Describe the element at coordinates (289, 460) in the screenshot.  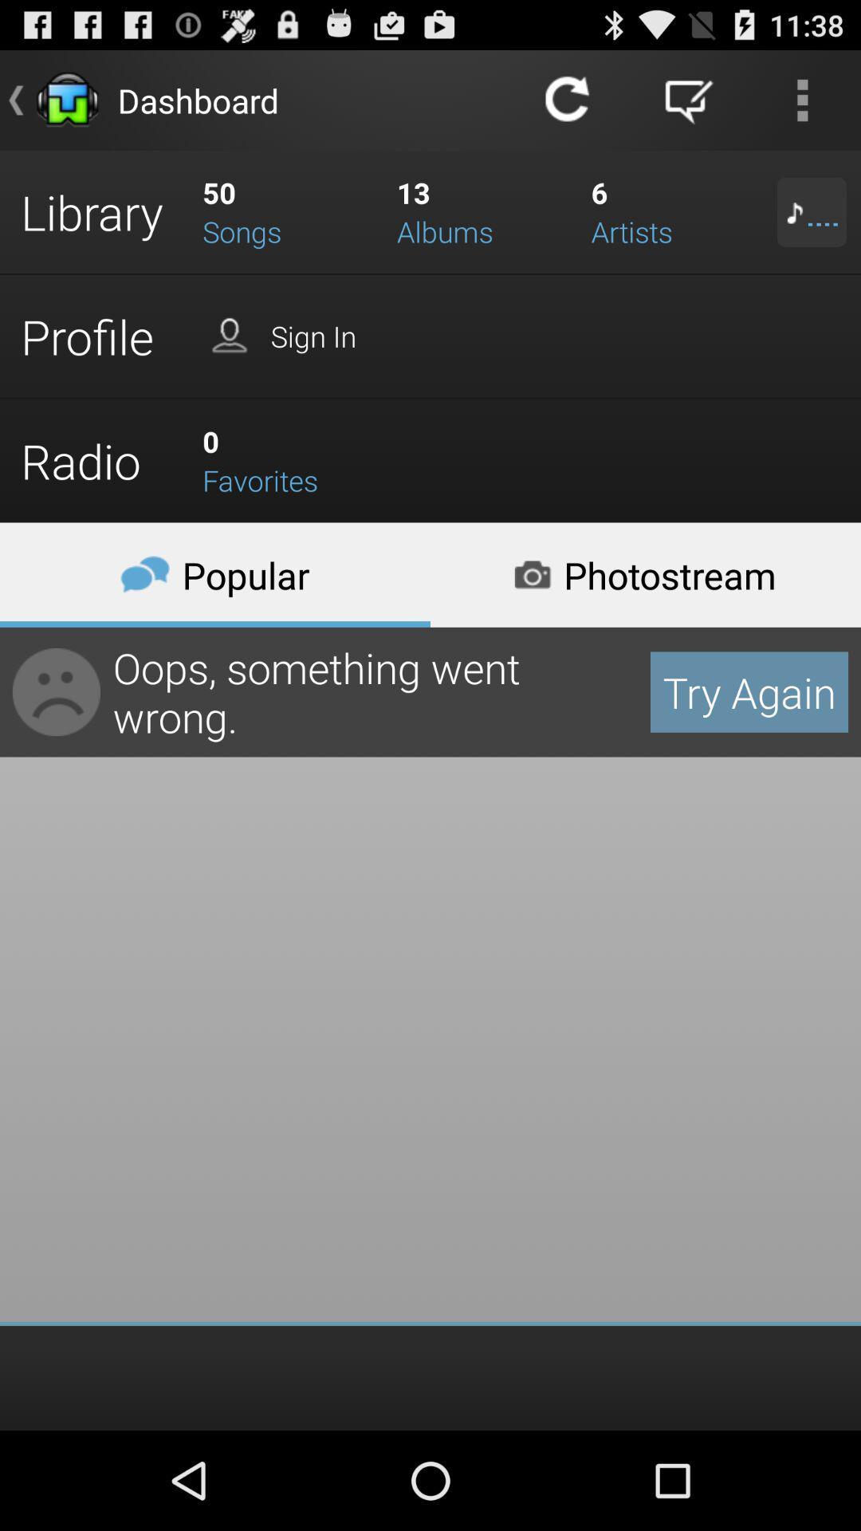
I see `the favorites which is right side of the radio` at that location.